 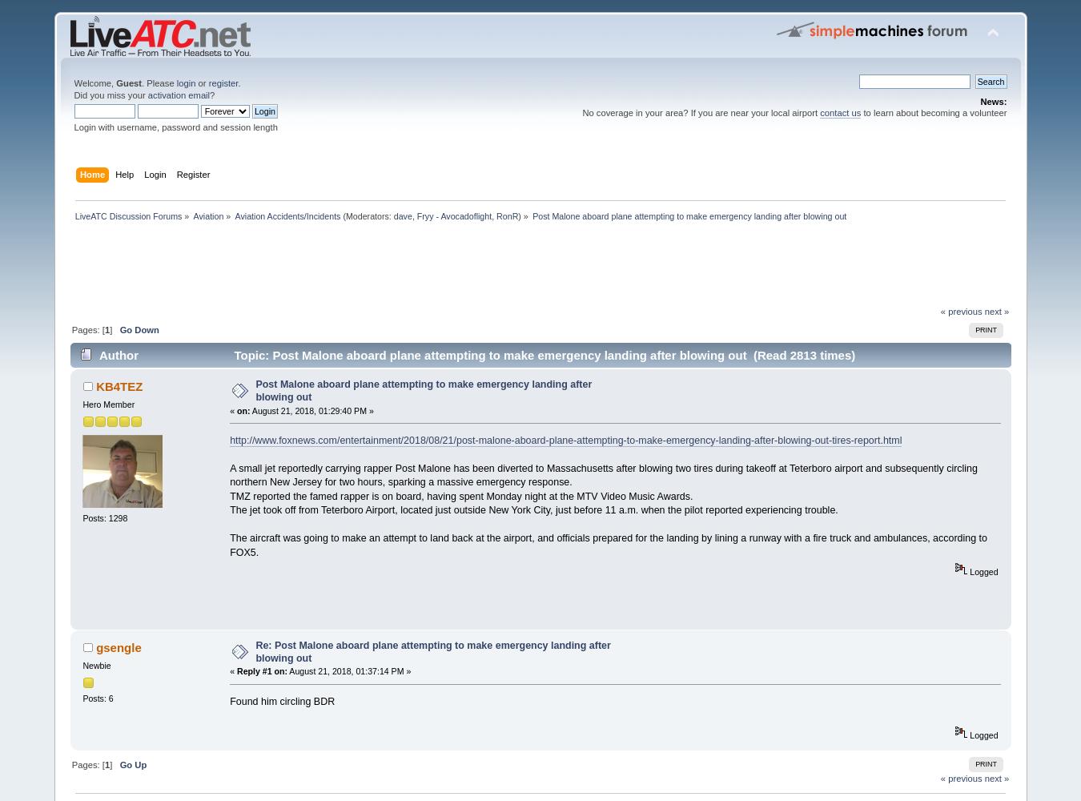 What do you see at coordinates (222, 83) in the screenshot?
I see `'register'` at bounding box center [222, 83].